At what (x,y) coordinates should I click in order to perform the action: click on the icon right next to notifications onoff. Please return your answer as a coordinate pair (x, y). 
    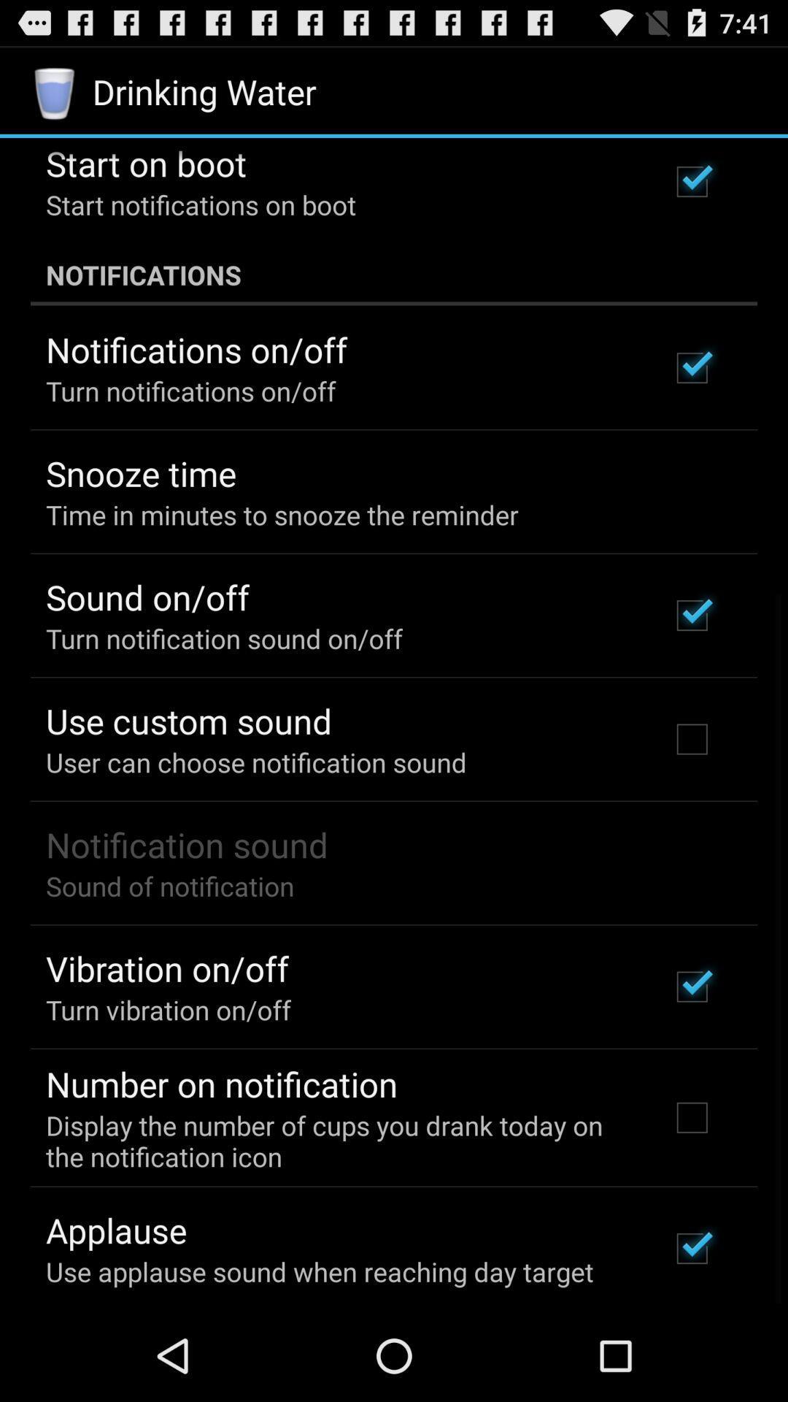
    Looking at the image, I should click on (691, 368).